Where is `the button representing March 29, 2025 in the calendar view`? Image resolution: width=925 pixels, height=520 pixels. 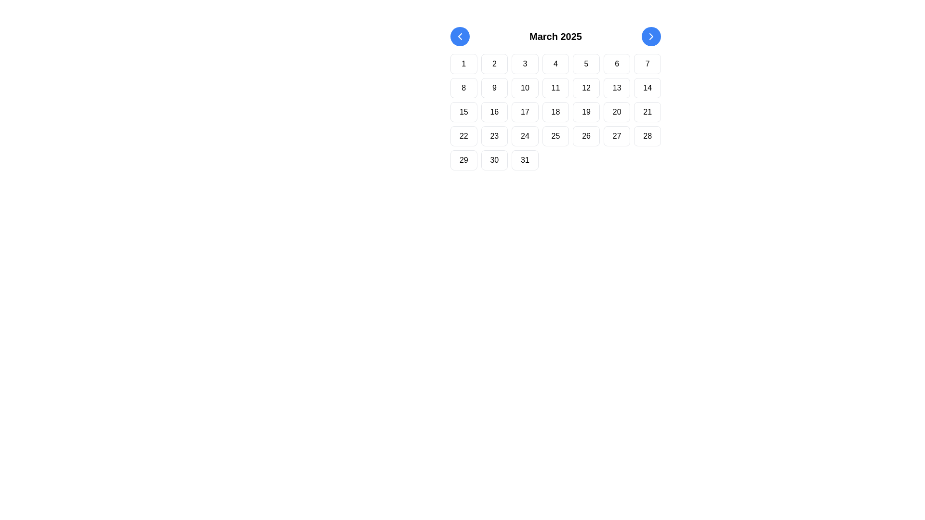 the button representing March 29, 2025 in the calendar view is located at coordinates (463, 159).